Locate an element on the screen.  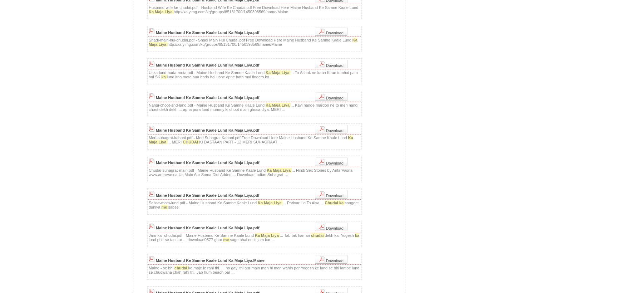
'dekh kar Yogesh' is located at coordinates (339, 235).